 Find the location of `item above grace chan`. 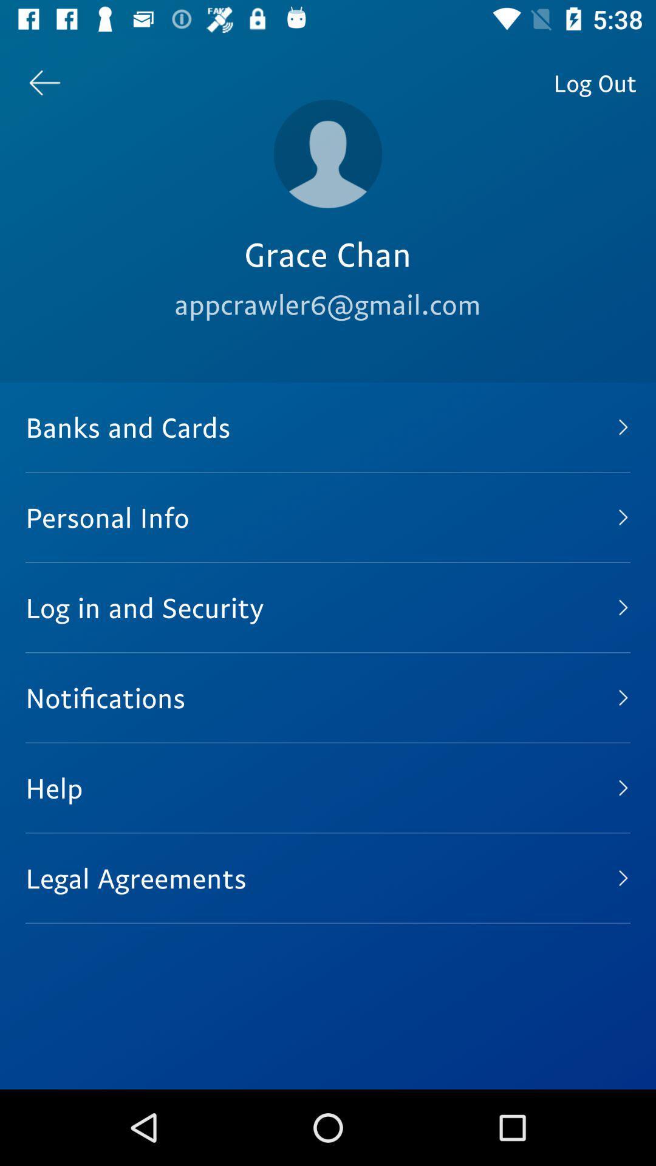

item above grace chan is located at coordinates (328, 153).